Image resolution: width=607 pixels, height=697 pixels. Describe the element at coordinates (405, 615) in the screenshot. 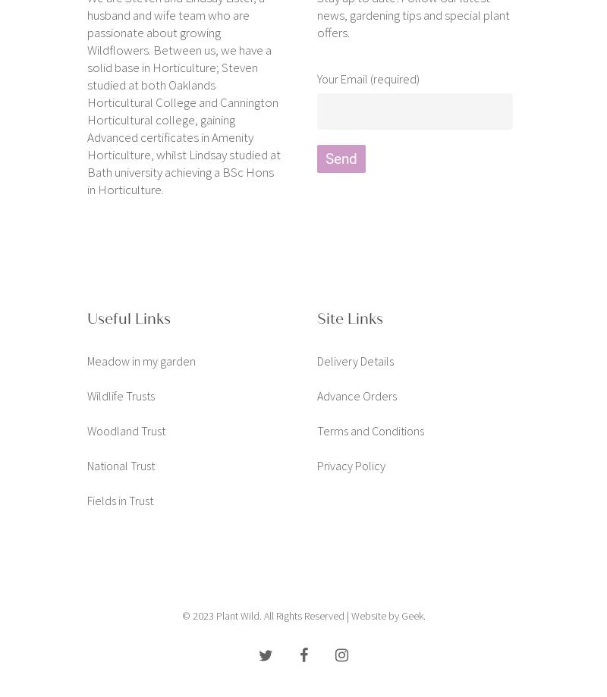

I see `'by Geek.'` at that location.